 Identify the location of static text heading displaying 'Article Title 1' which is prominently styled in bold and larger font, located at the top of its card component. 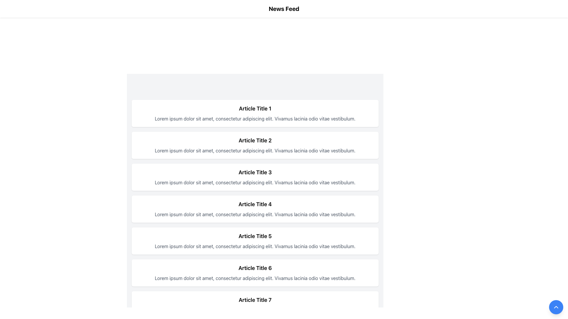
(255, 108).